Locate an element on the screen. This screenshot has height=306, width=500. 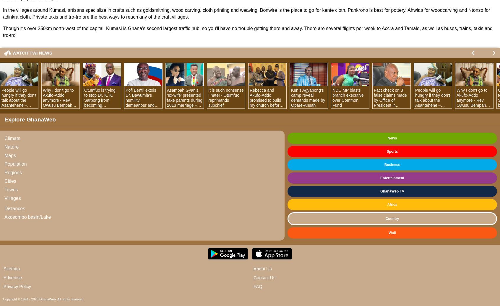
'Nature' is located at coordinates (11, 147).